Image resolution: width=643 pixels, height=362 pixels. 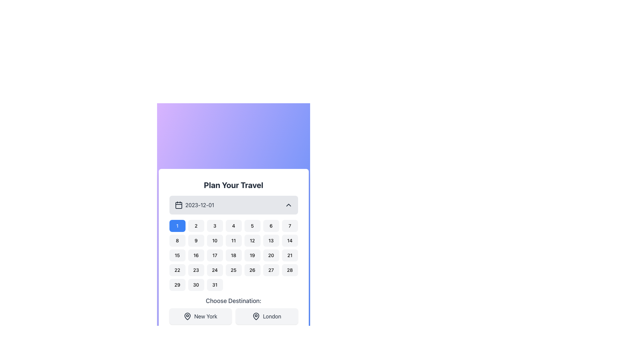 I want to click on the selectable day '25' button in the monthly calendar interface, so click(x=233, y=270).